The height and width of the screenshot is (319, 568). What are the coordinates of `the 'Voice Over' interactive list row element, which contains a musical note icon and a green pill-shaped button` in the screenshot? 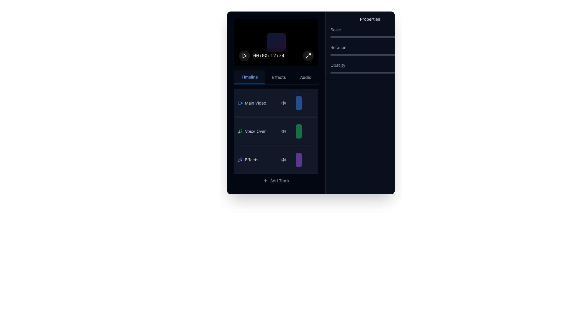 It's located at (276, 131).